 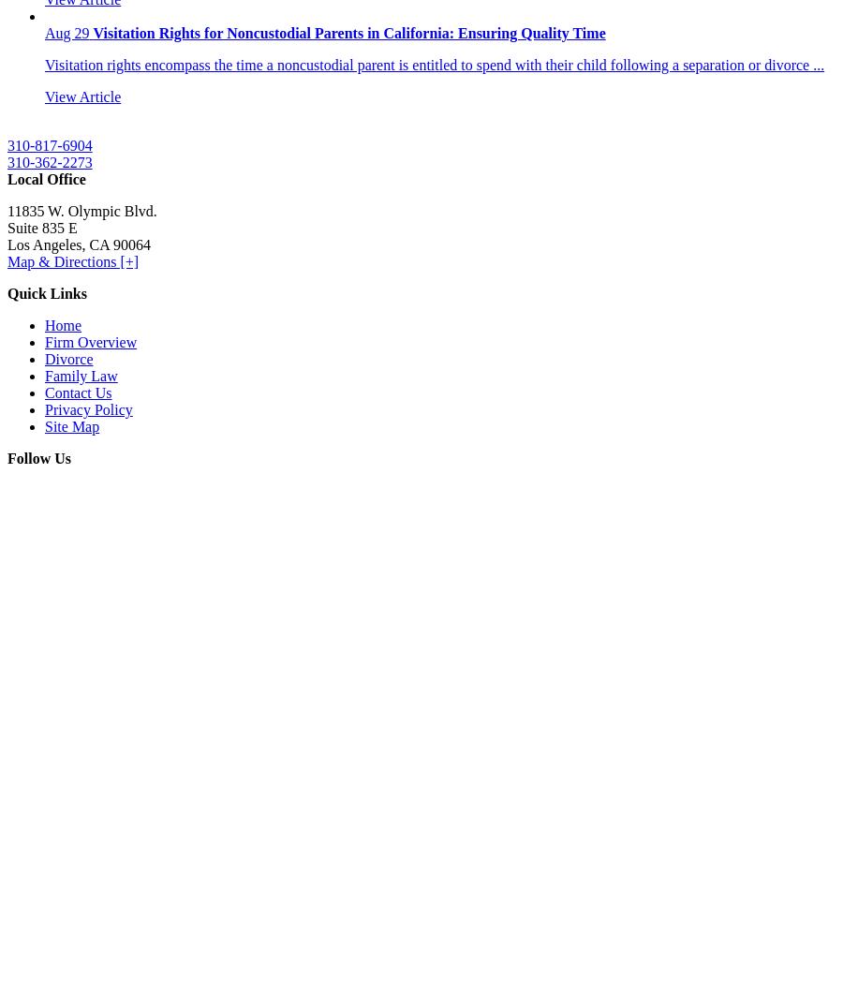 I want to click on 'Follow Us', so click(x=38, y=458).